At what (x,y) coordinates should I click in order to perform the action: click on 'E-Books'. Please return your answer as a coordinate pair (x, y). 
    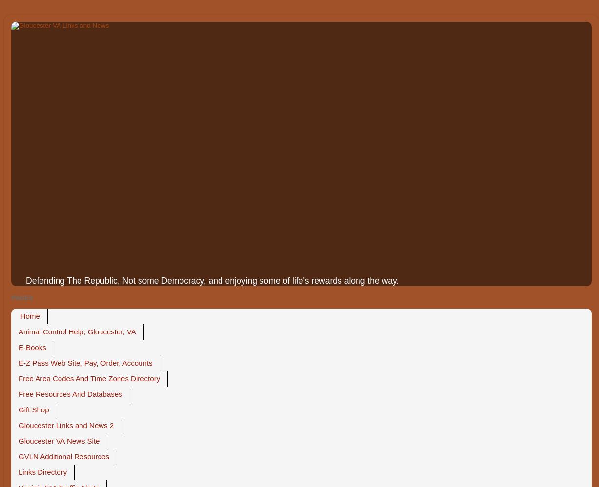
    Looking at the image, I should click on (32, 347).